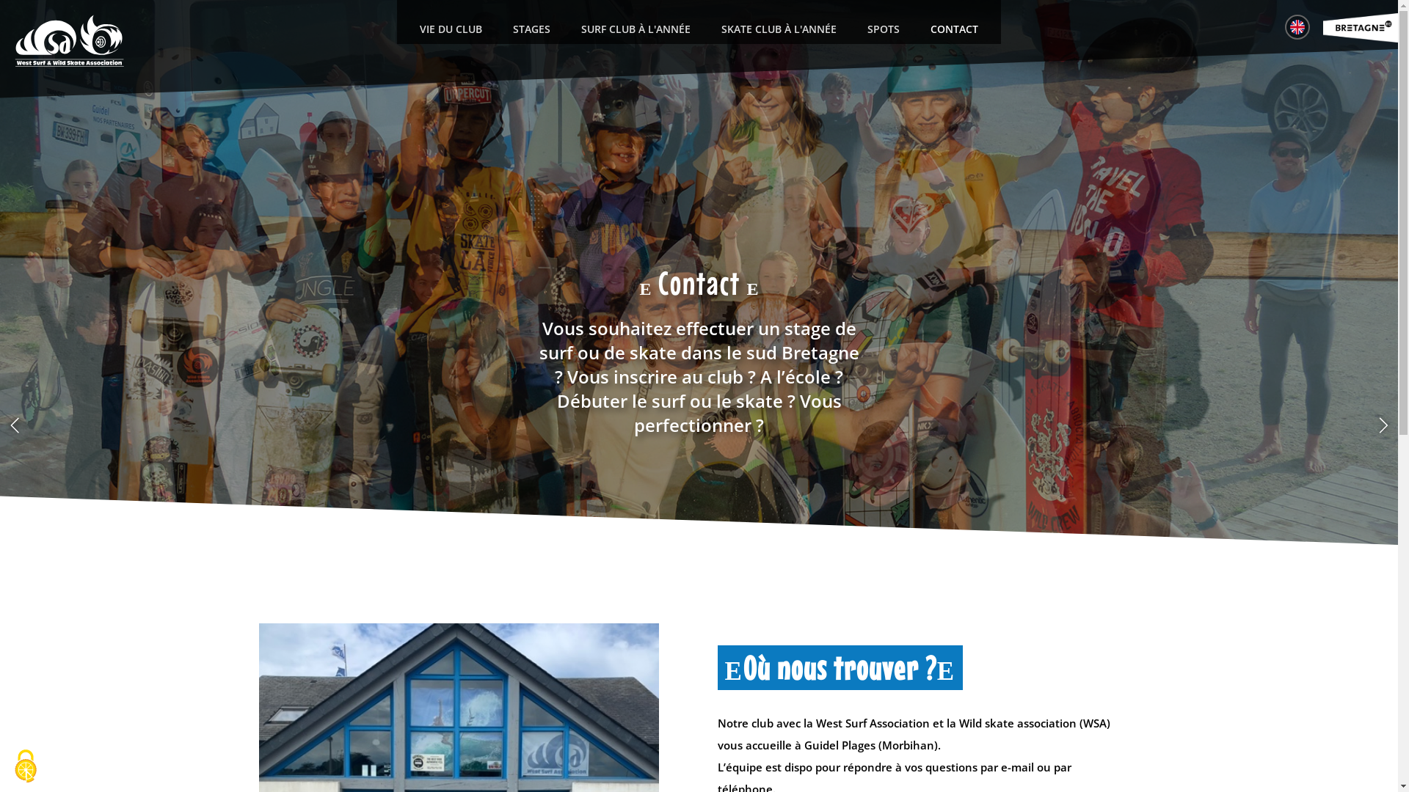 This screenshot has width=1409, height=792. Describe the element at coordinates (14, 425) in the screenshot. I see `'Previous'` at that location.